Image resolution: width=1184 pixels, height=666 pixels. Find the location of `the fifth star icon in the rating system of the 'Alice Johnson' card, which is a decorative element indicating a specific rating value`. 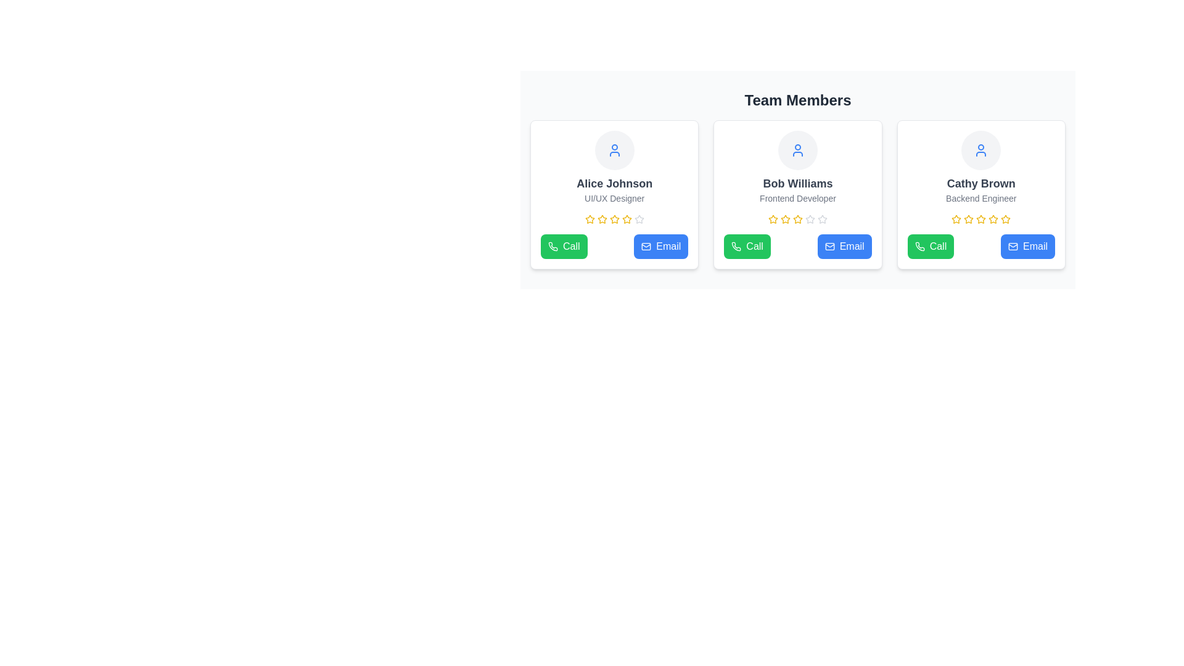

the fifth star icon in the rating system of the 'Alice Johnson' card, which is a decorative element indicating a specific rating value is located at coordinates (627, 218).